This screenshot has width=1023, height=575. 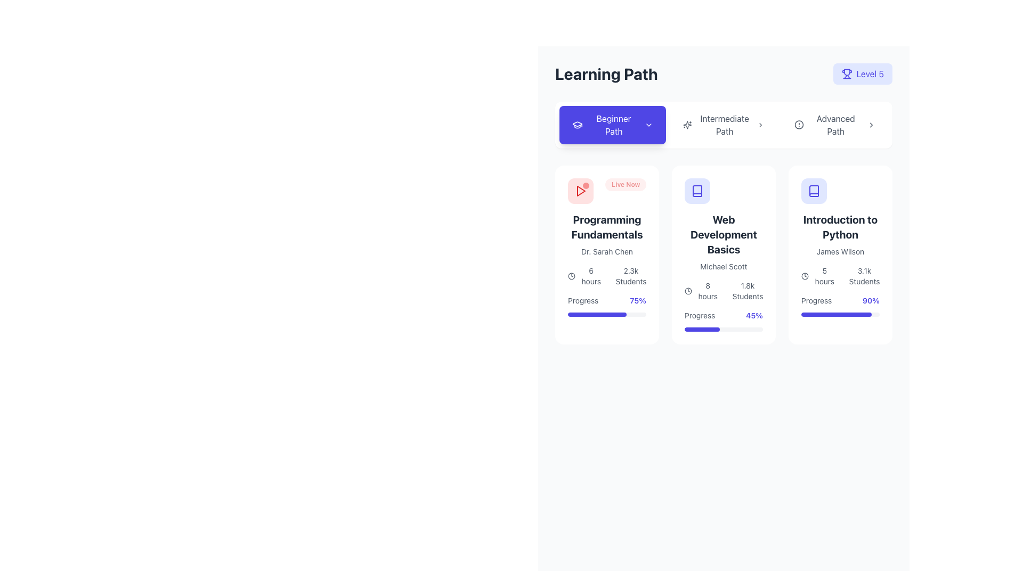 What do you see at coordinates (638, 300) in the screenshot?
I see `the progress completion text located at the bottom-right corner of the 'Programming Fundamentals' card, to the right of the 'Progress' label` at bounding box center [638, 300].